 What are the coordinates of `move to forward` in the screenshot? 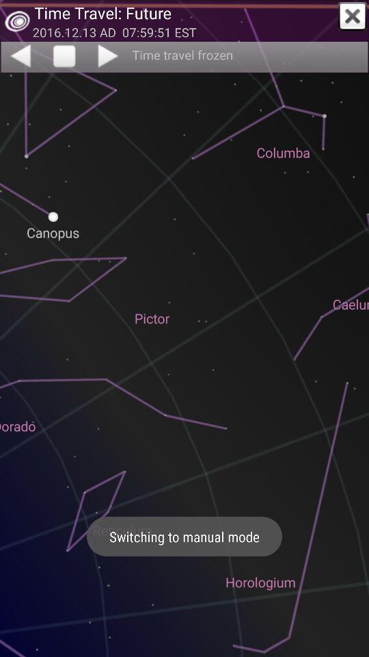 It's located at (109, 55).